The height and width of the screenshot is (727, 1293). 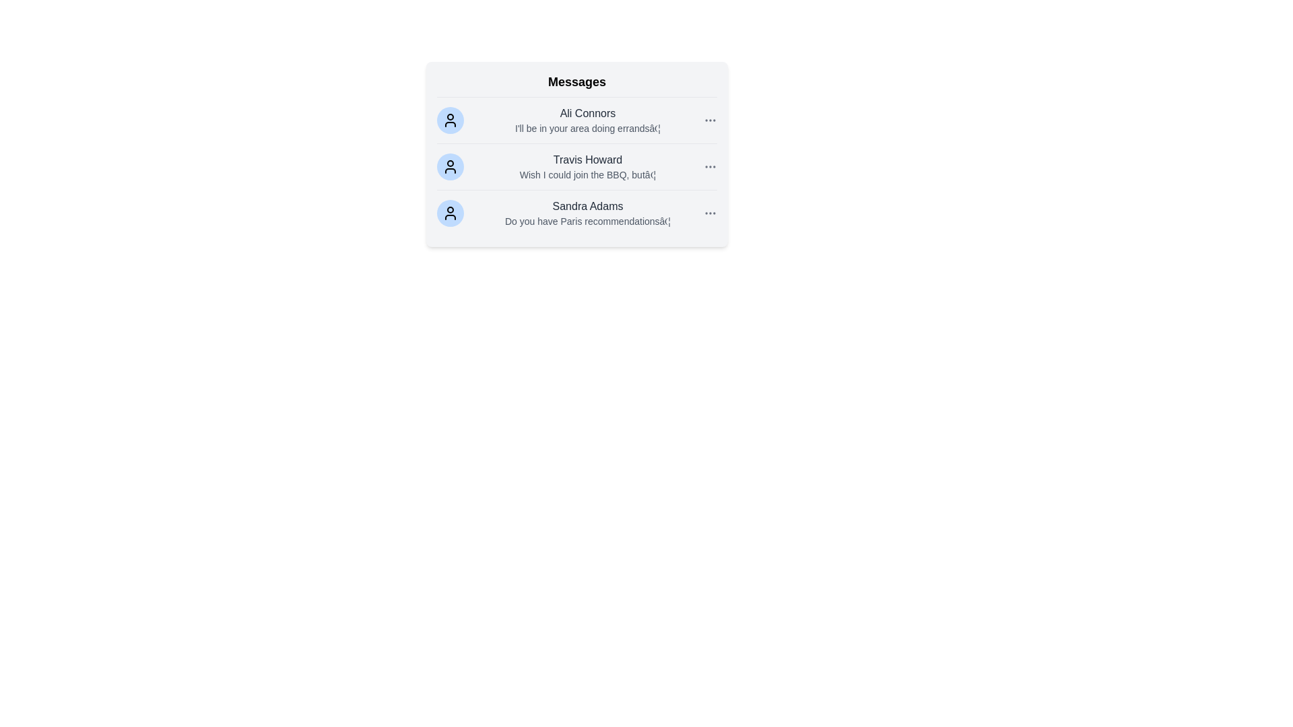 I want to click on the user profile SVG icon, which is styled with a black stroke and a blue background, located in the upper-left section of the list component, adjacent to 'Ali Connors', so click(x=450, y=119).